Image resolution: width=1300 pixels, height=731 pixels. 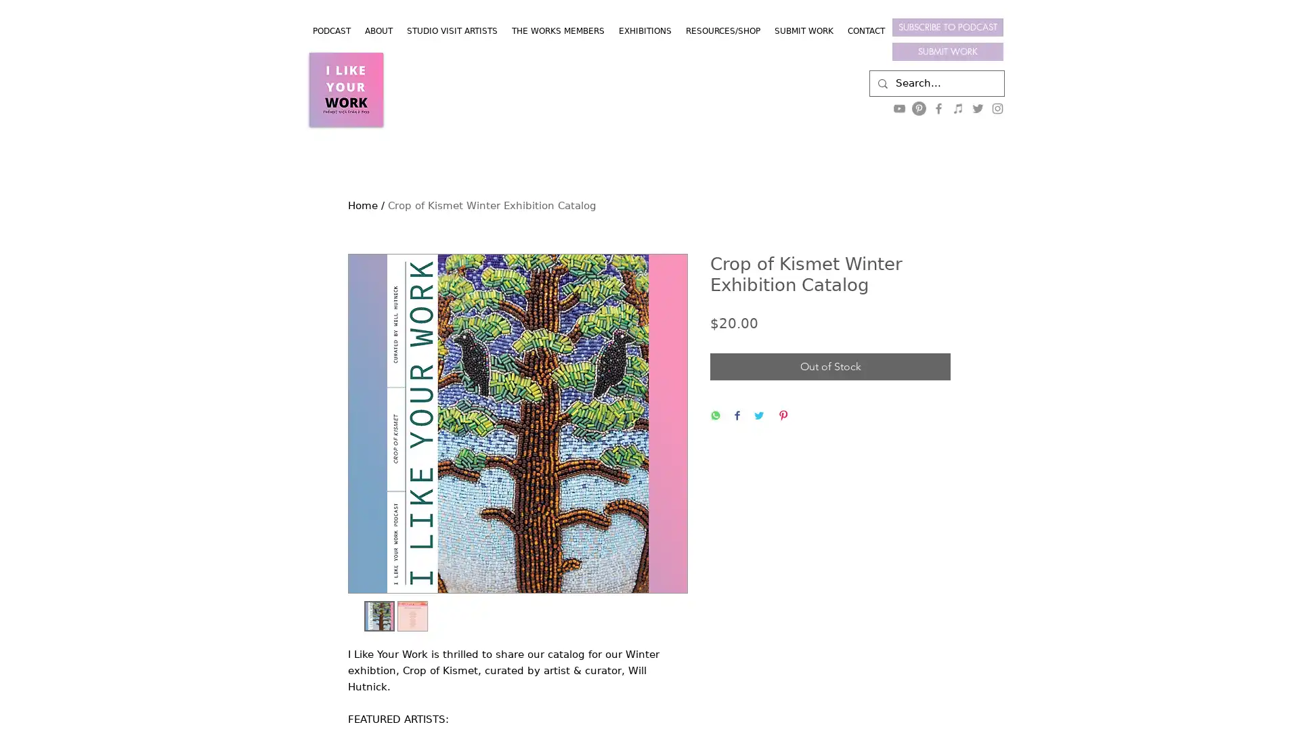 I want to click on Out of Stock, so click(x=829, y=367).